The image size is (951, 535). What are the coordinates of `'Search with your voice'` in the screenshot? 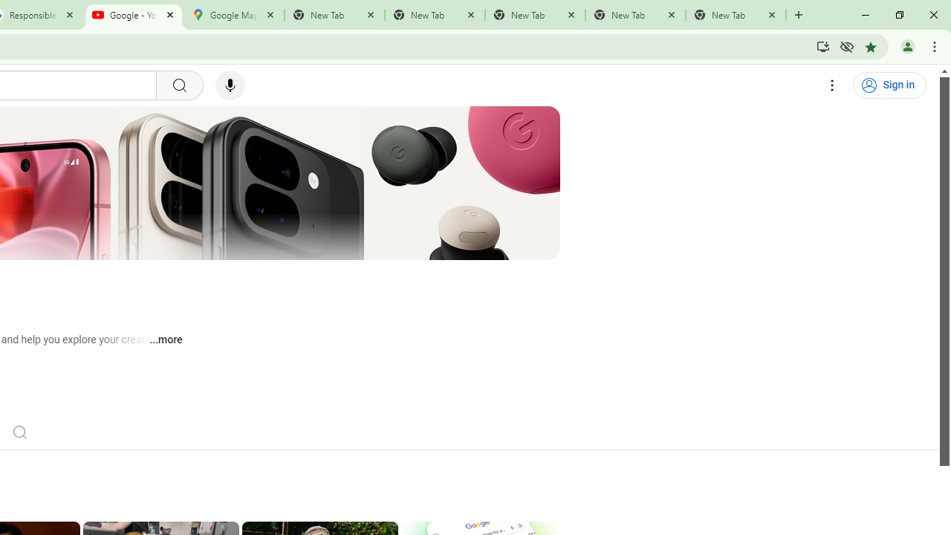 It's located at (229, 85).